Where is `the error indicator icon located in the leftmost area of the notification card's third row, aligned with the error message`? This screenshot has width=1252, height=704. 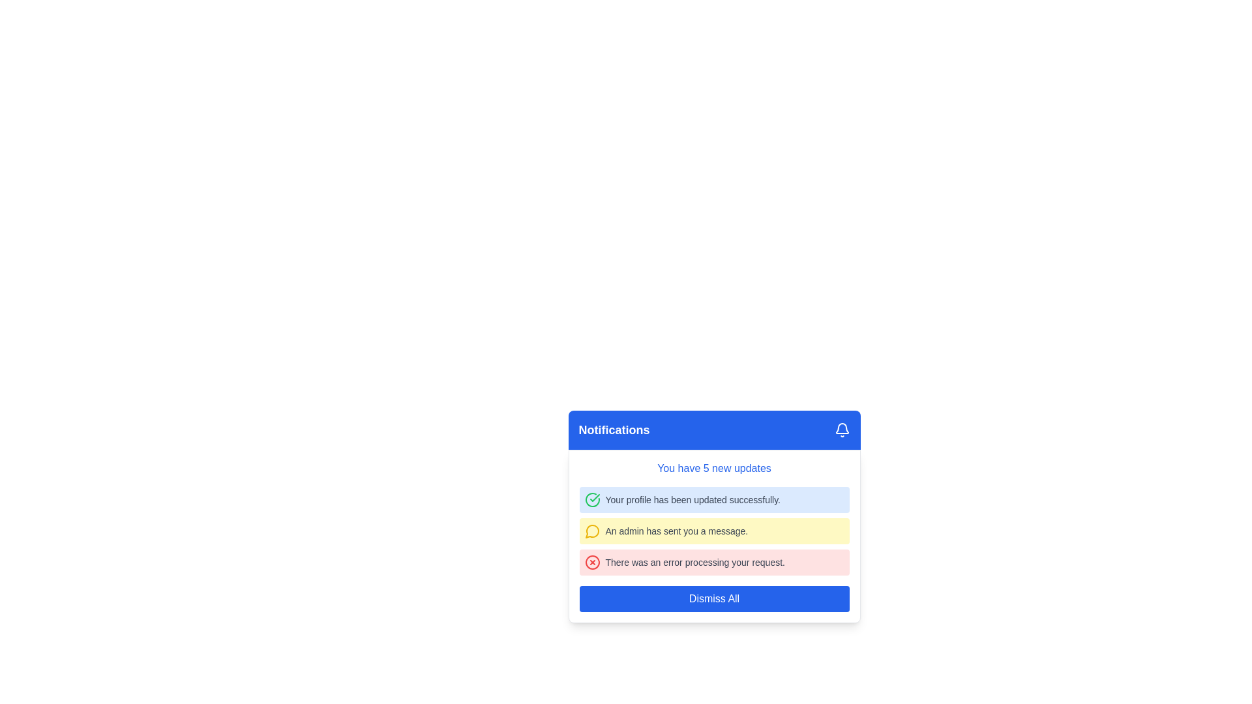 the error indicator icon located in the leftmost area of the notification card's third row, aligned with the error message is located at coordinates (591, 562).